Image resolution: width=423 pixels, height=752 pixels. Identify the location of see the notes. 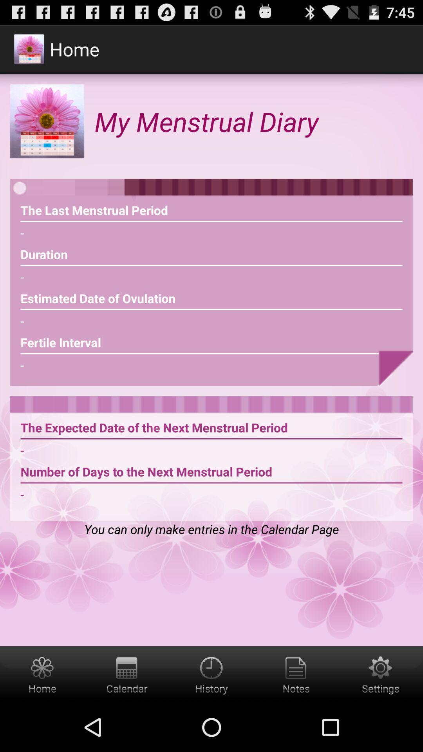
(296, 674).